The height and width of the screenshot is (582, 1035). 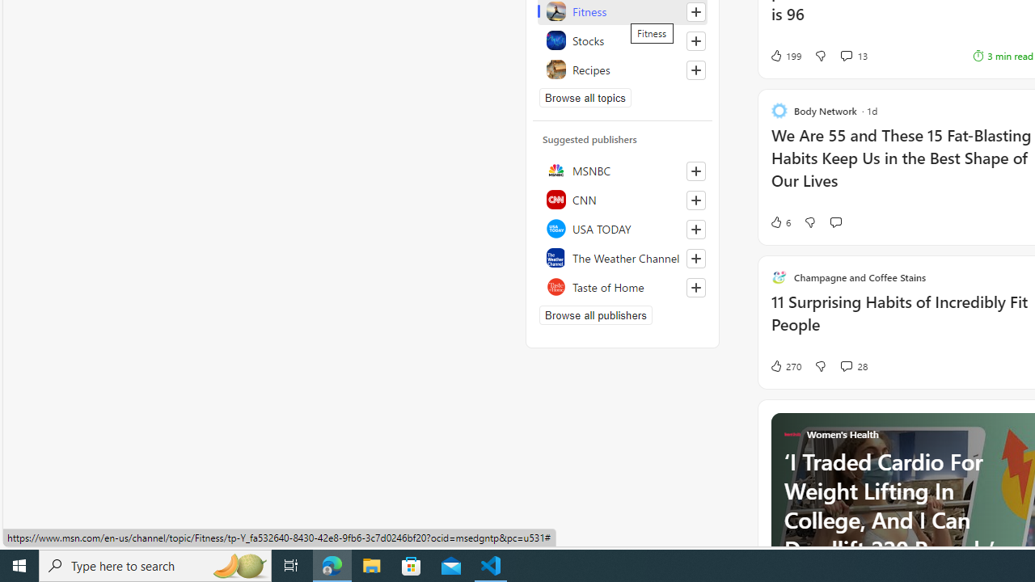 What do you see at coordinates (585, 97) in the screenshot?
I see `'Browse all topics'` at bounding box center [585, 97].